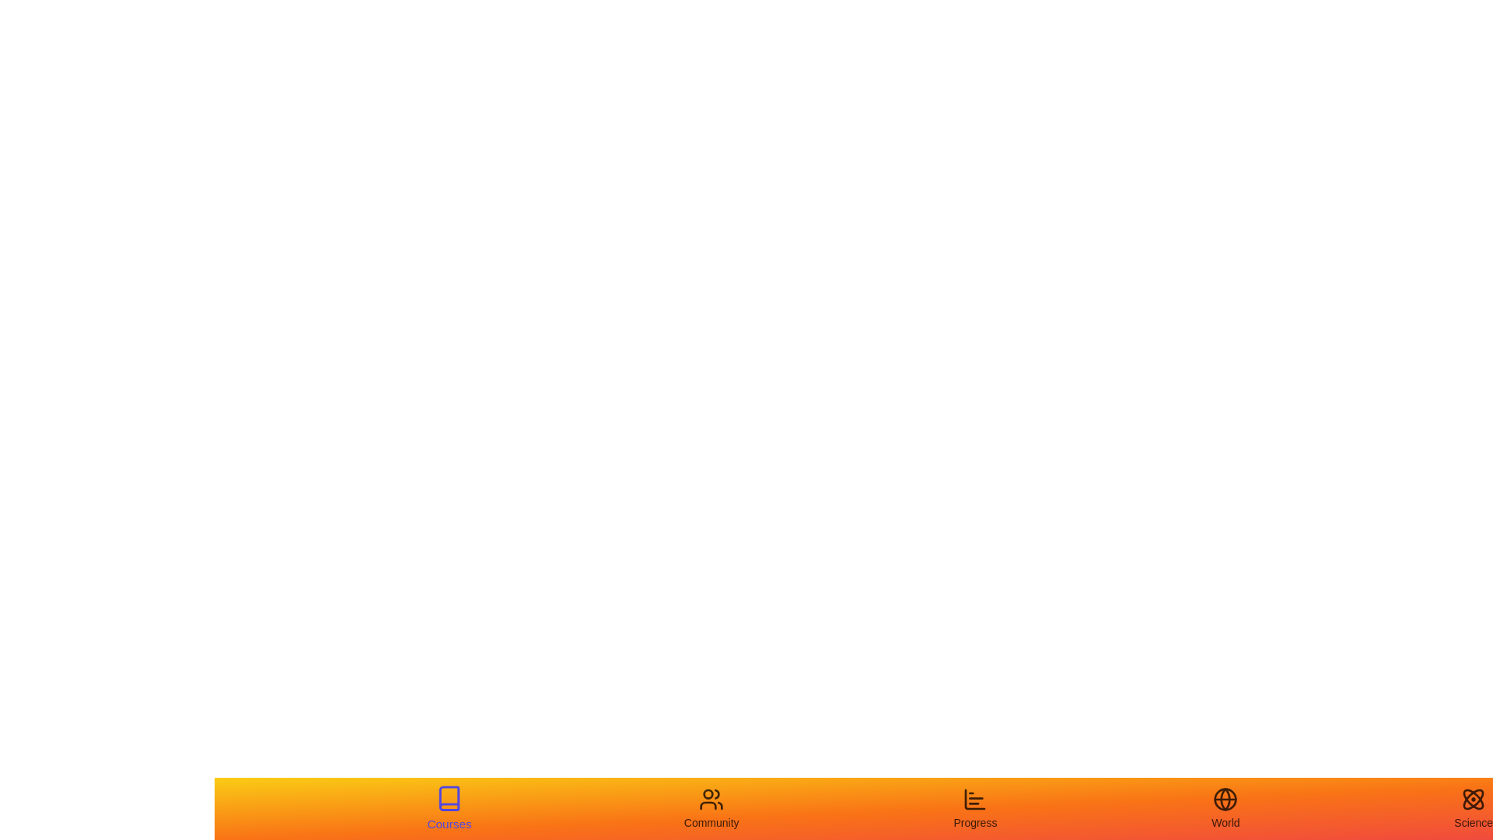 This screenshot has width=1493, height=840. What do you see at coordinates (1473, 808) in the screenshot?
I see `the tab labeled Science` at bounding box center [1473, 808].